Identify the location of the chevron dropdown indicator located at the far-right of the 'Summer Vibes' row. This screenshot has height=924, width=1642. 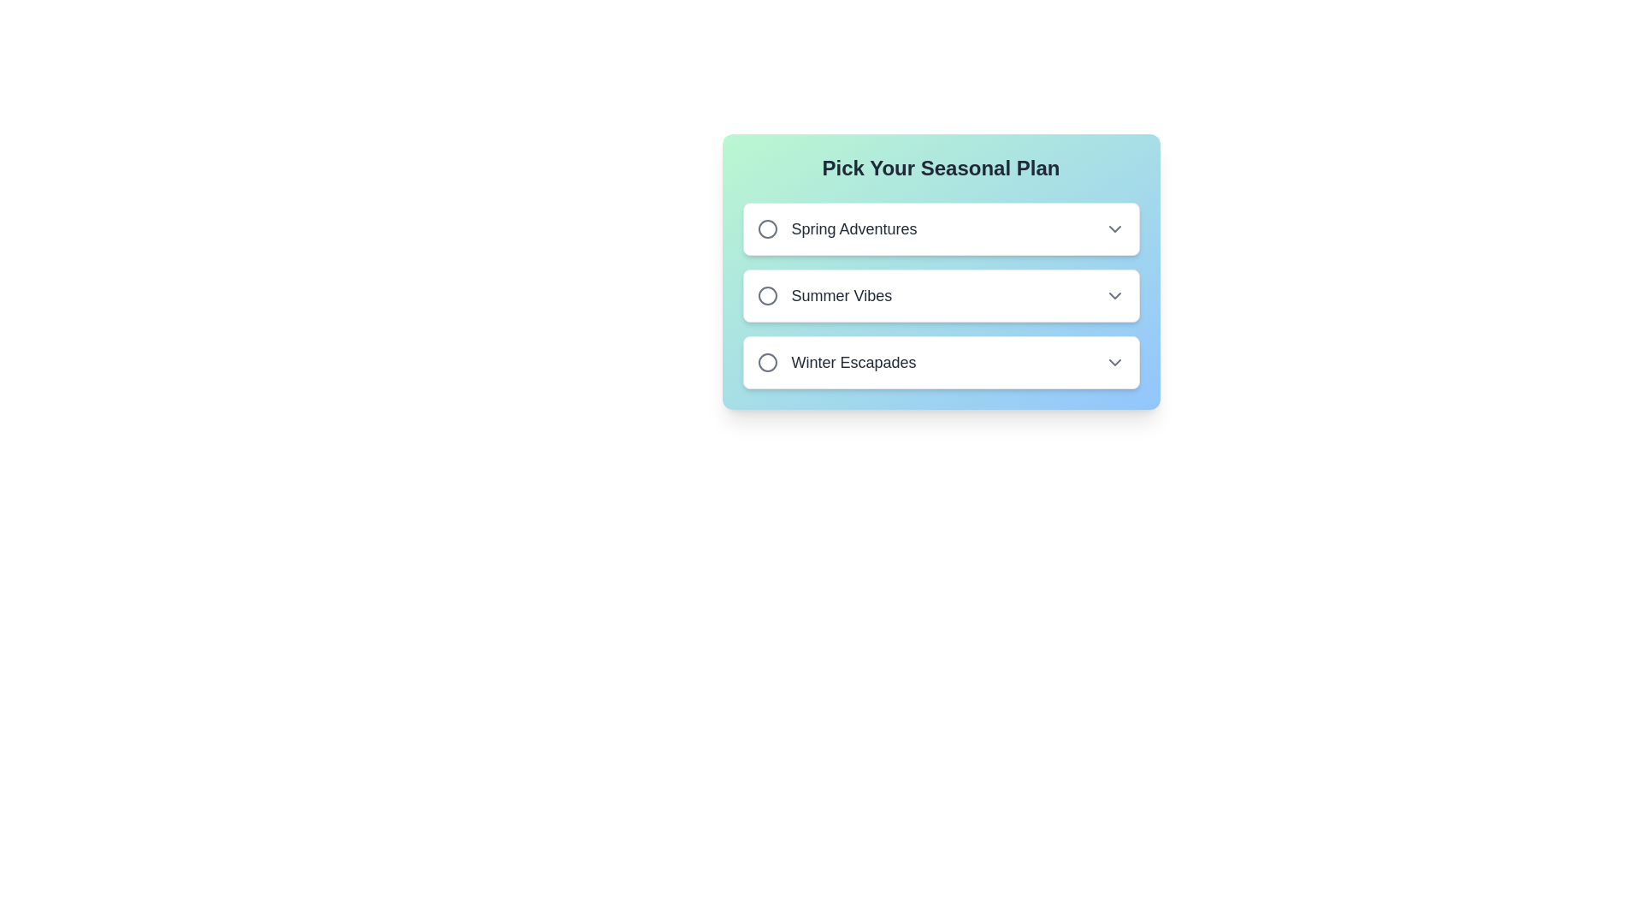
(1114, 295).